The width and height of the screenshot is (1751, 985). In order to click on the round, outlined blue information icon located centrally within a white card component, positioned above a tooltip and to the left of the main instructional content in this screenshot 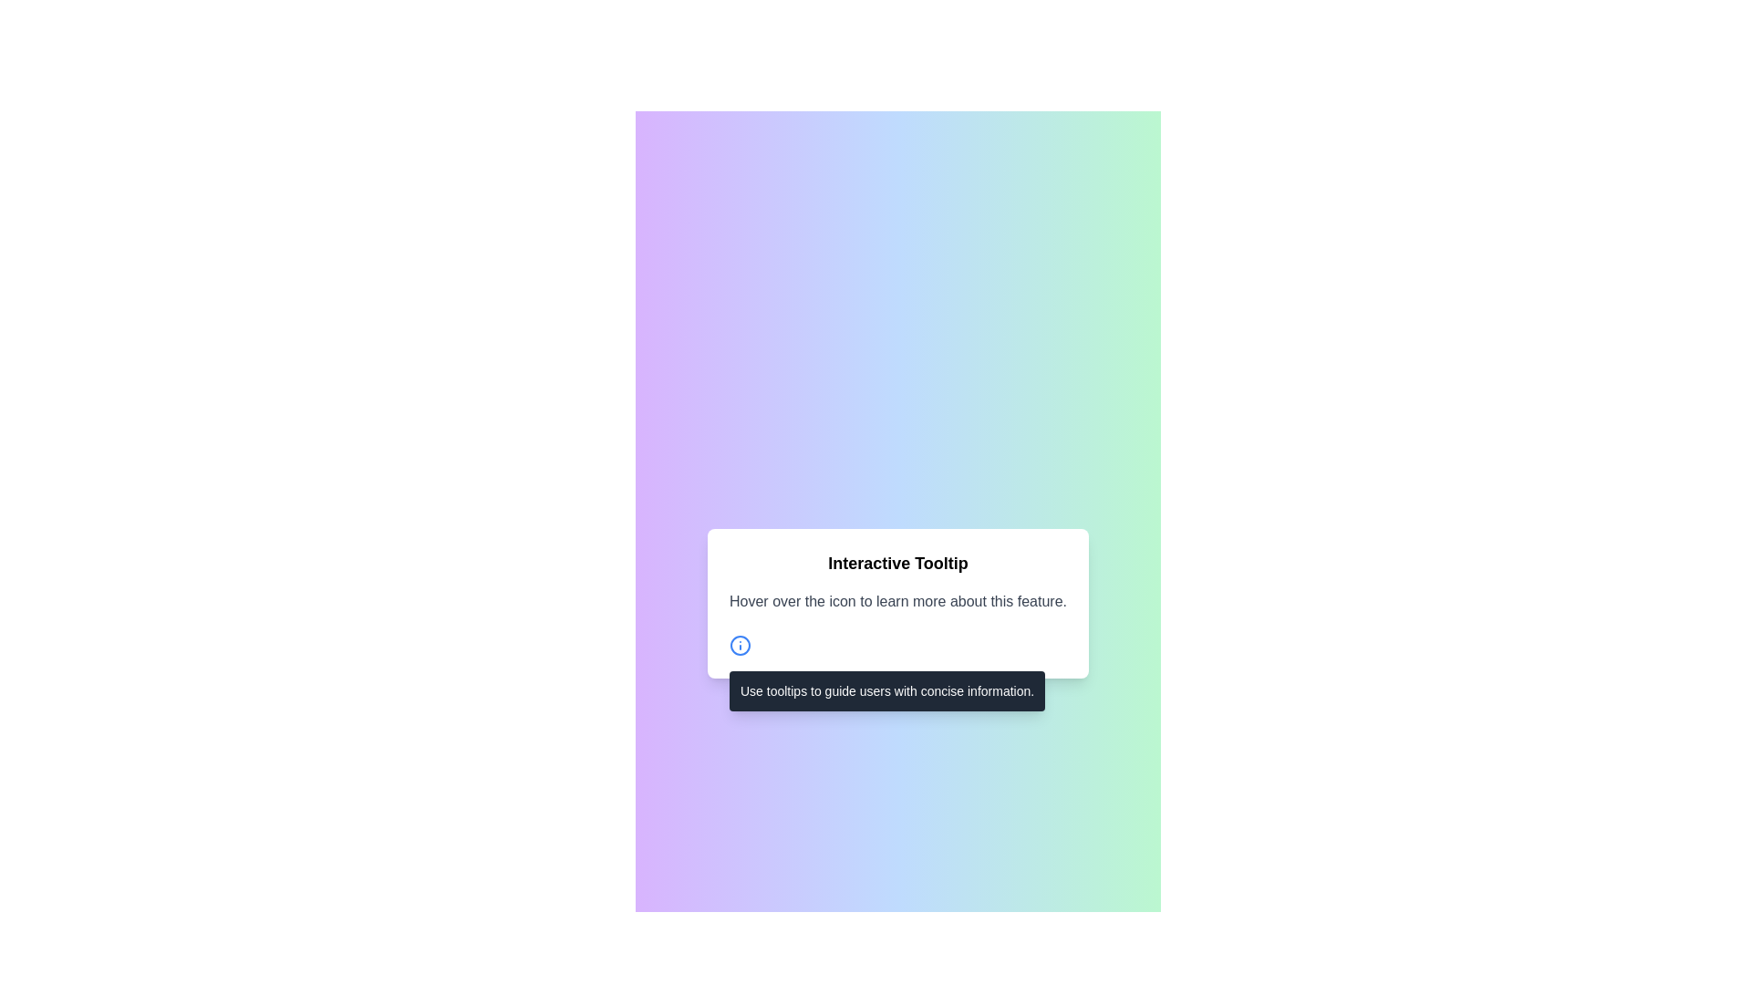, I will do `click(740, 645)`.